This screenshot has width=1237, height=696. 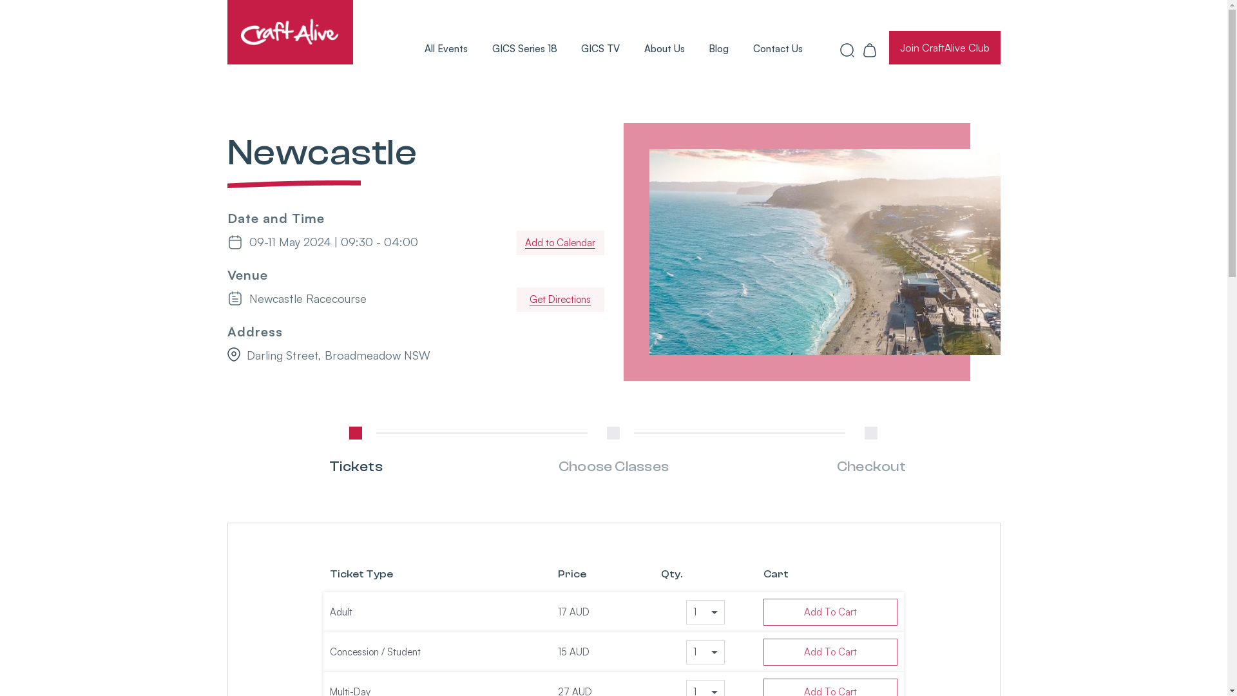 I want to click on 'Blog', so click(x=718, y=48).